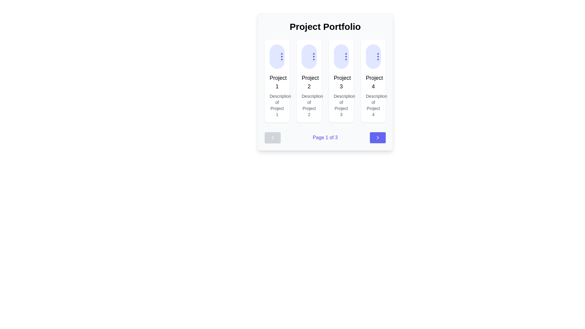  I want to click on the right-facing chevron icon within the rectangular button located in the bottom right corner of the interface for potential advanced navigation features, so click(377, 137).